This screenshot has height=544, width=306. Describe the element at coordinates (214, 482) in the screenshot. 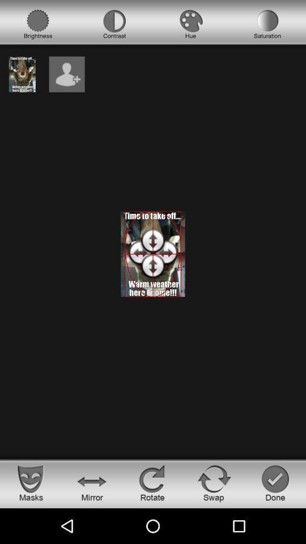

I see `swap image position` at that location.